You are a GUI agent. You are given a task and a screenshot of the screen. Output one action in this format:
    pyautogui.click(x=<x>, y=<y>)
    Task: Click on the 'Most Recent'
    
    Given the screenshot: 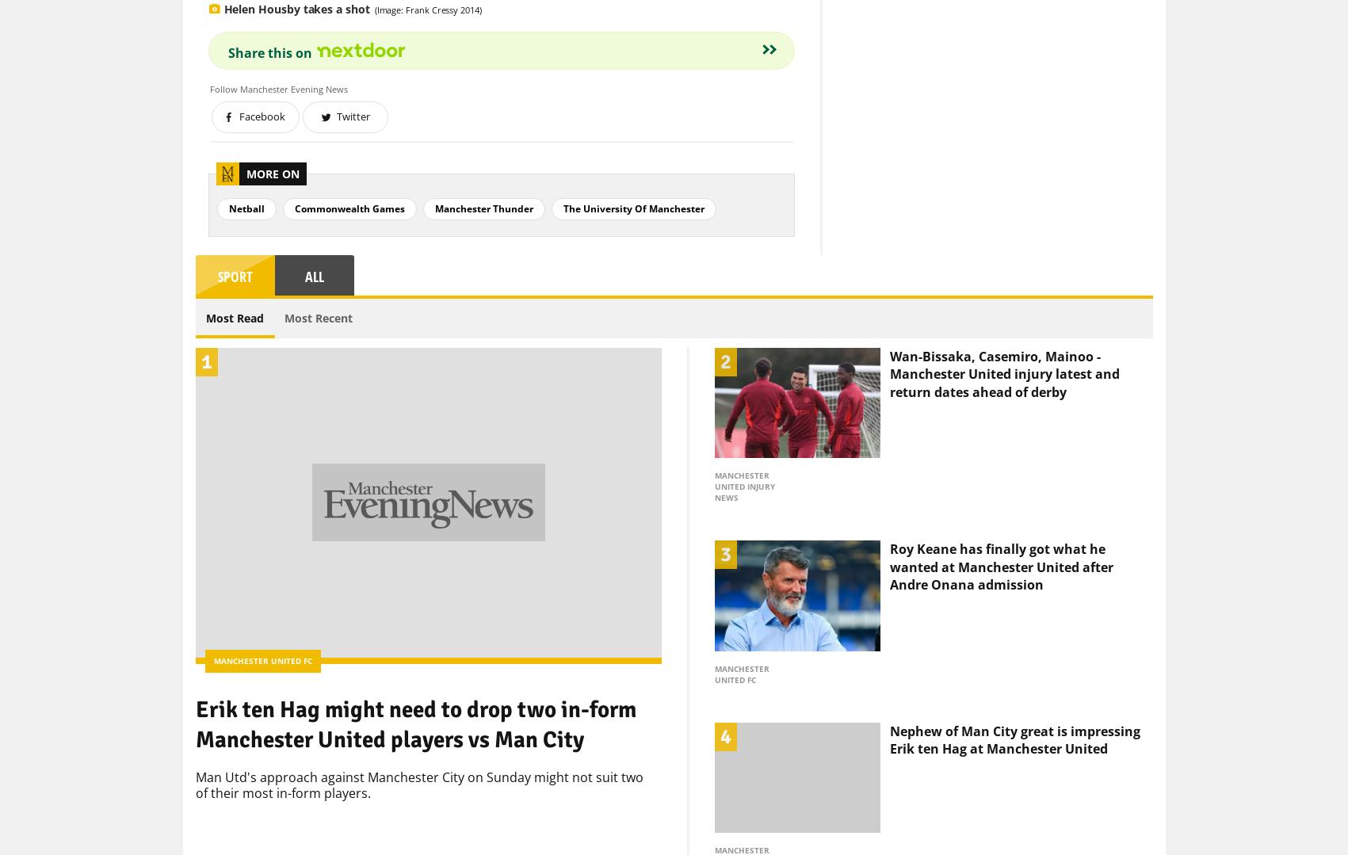 What is the action you would take?
    pyautogui.click(x=316, y=291)
    